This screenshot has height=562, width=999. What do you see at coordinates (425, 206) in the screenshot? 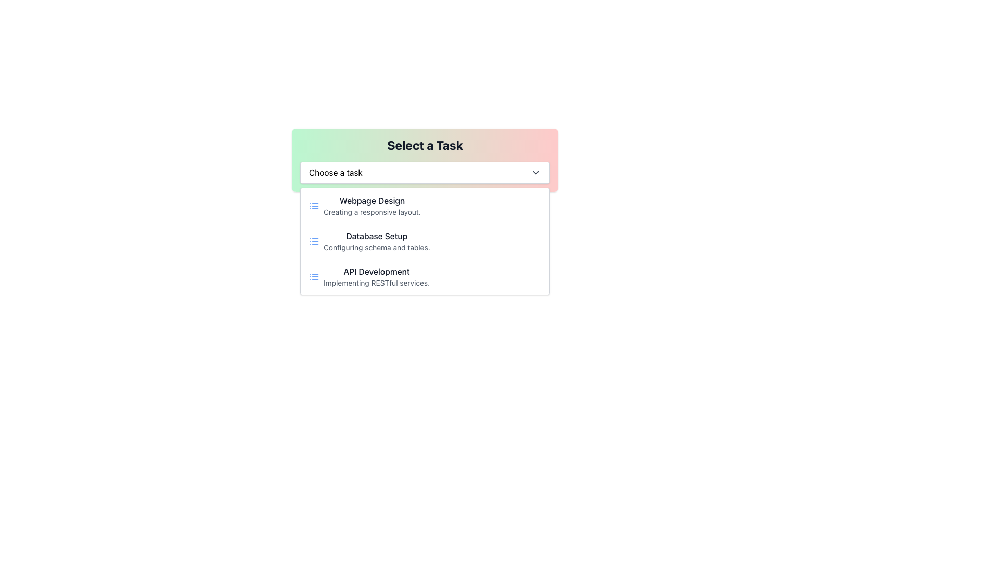
I see `the first list item labeled 'Webpage Design'` at bounding box center [425, 206].